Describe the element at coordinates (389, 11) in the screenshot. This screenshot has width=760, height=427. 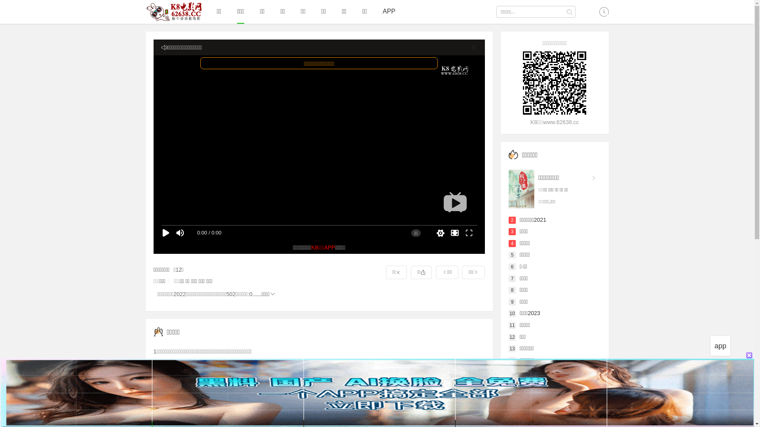
I see `'APP'` at that location.